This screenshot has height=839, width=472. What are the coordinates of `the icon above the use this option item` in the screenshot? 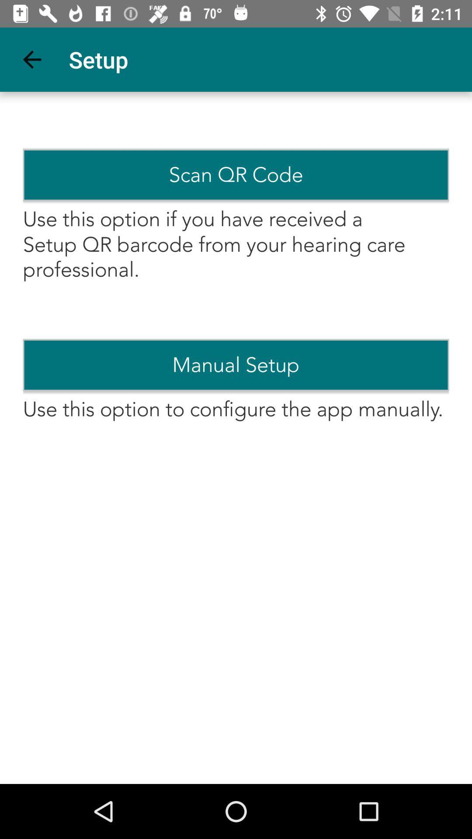 It's located at (236, 365).